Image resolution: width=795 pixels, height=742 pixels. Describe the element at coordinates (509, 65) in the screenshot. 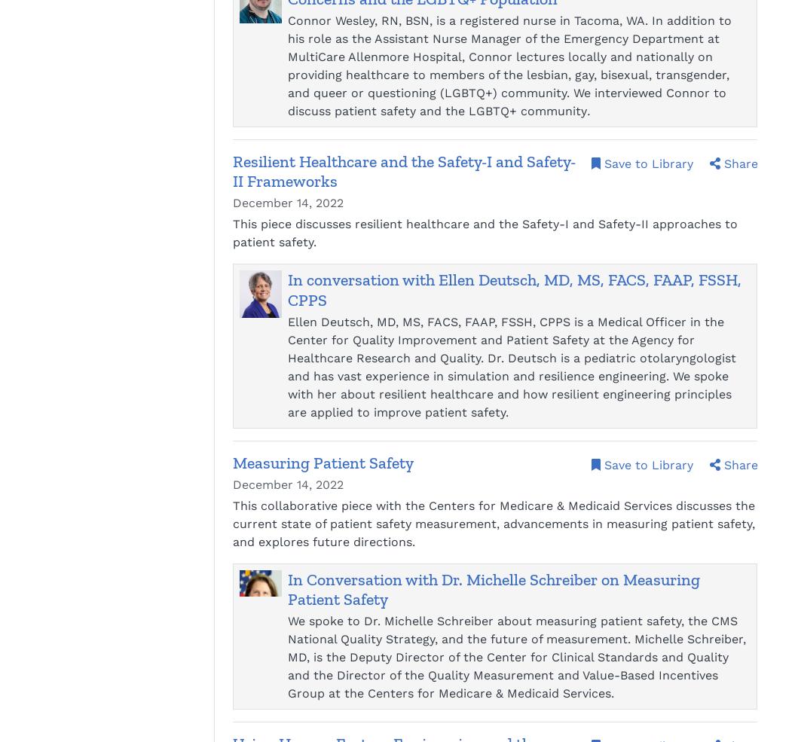

I see `'Connor Wesley, RN, BSN, is a registered nurse in Tacoma, WA. In addition to his role as the Assistant Nurse Manager of the Emergency Department at MultiCare Allenmore Hospital, Connor lectures locally and nationally on providing healthcare to members of the lesbian, gay, bisexual, transgender, and queer or questioning (LGBTQ+) community. We interviewed Connor to discuss patient safety and the LGBTQ+ community'` at that location.